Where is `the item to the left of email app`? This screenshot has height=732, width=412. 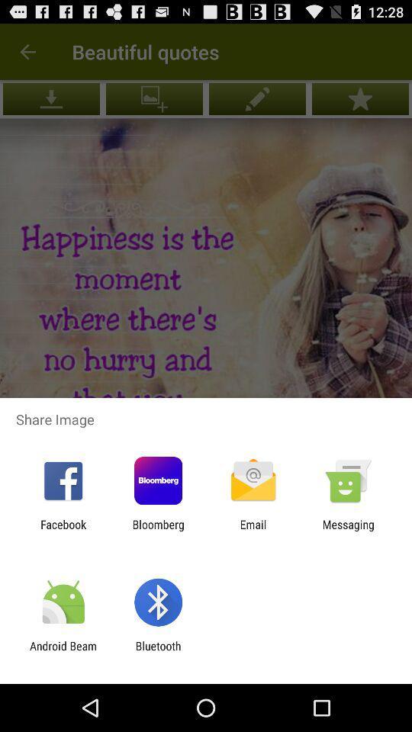 the item to the left of email app is located at coordinates (157, 531).